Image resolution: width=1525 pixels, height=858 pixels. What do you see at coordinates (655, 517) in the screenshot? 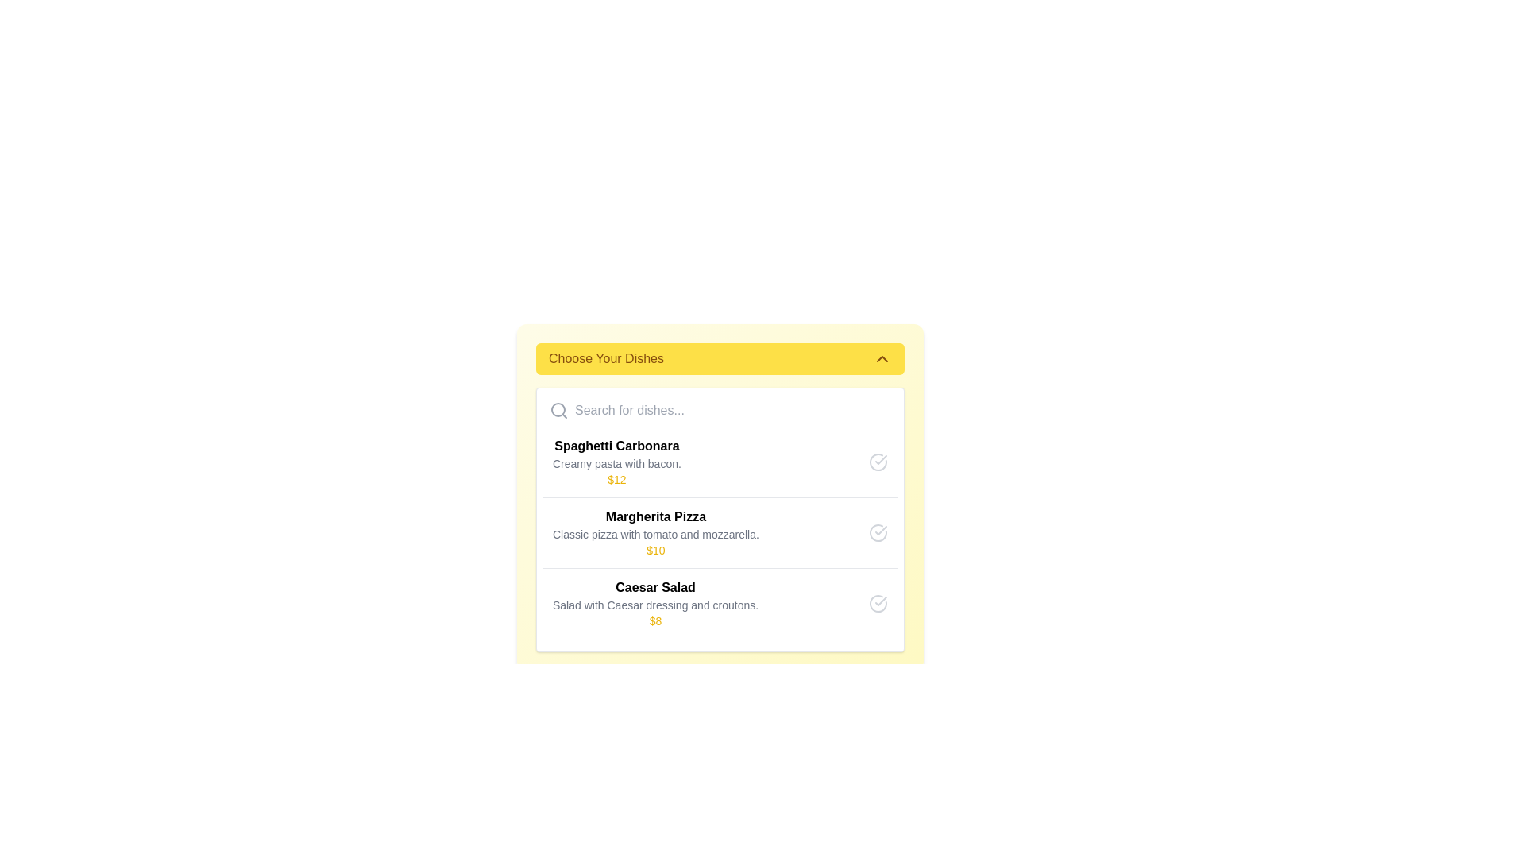
I see `text label for the menu item 'Margherita Pizza' which is located at the center of the element's bounding box` at bounding box center [655, 517].